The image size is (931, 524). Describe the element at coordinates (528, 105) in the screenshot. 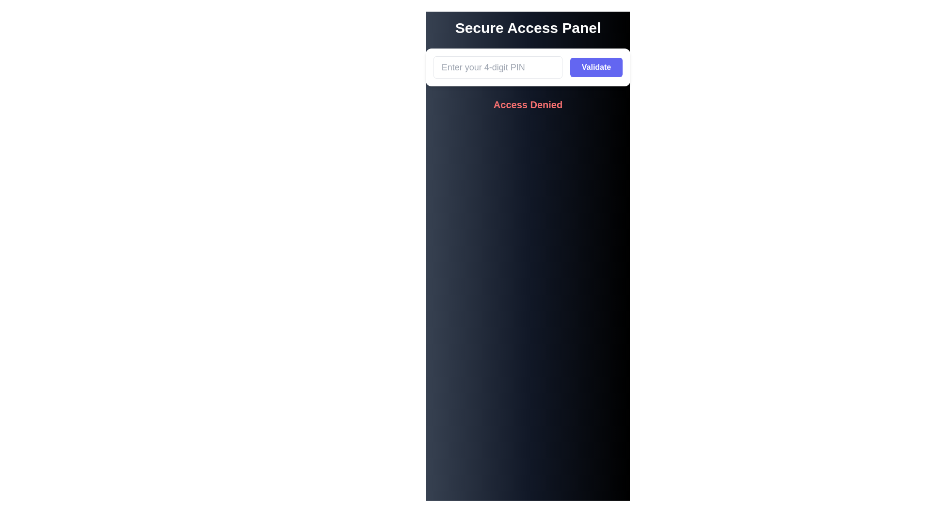

I see `the 'Access Denied' text label, which is displayed in bold red font on a dark background, located below the text input field and the 'Validate' button` at that location.